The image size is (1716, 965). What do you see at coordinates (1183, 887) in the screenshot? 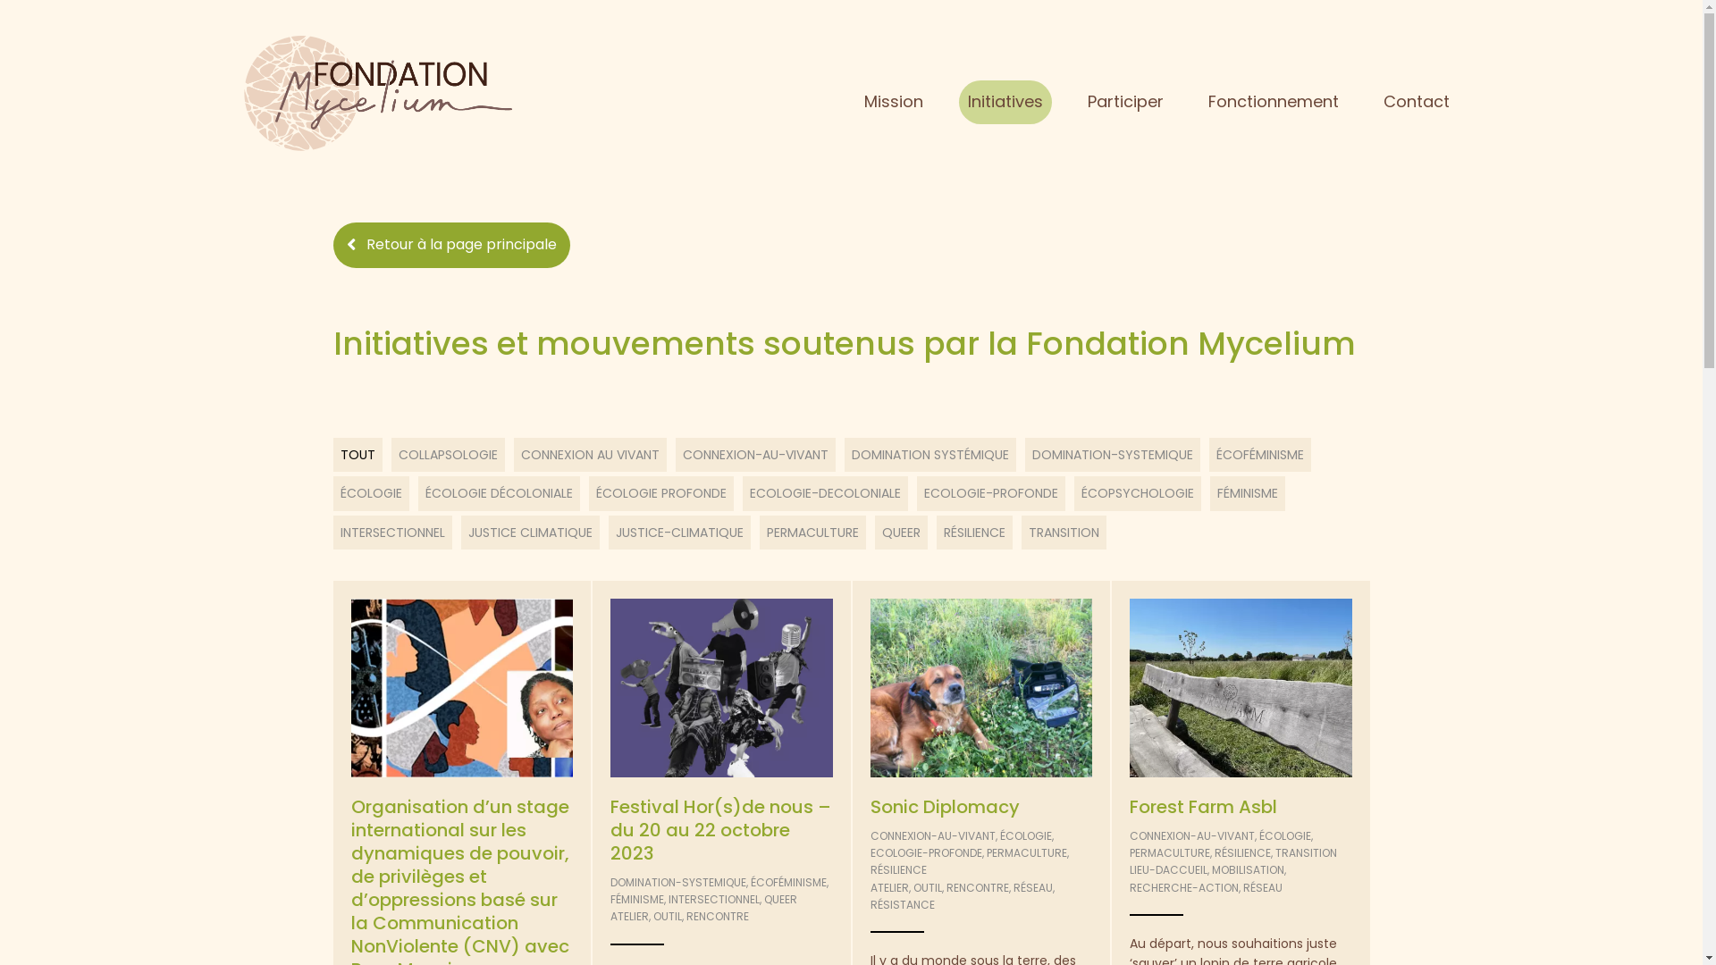
I see `'RECHERCHE-ACTION'` at bounding box center [1183, 887].